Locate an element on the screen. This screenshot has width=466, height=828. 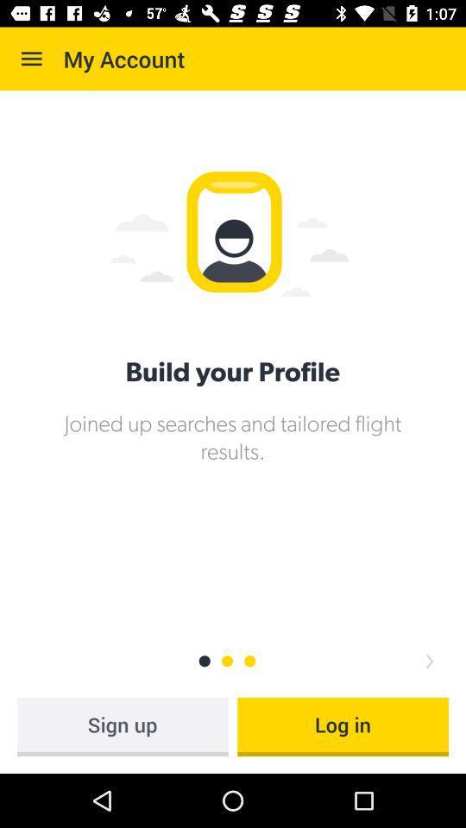
the item next to my account item is located at coordinates (31, 59).